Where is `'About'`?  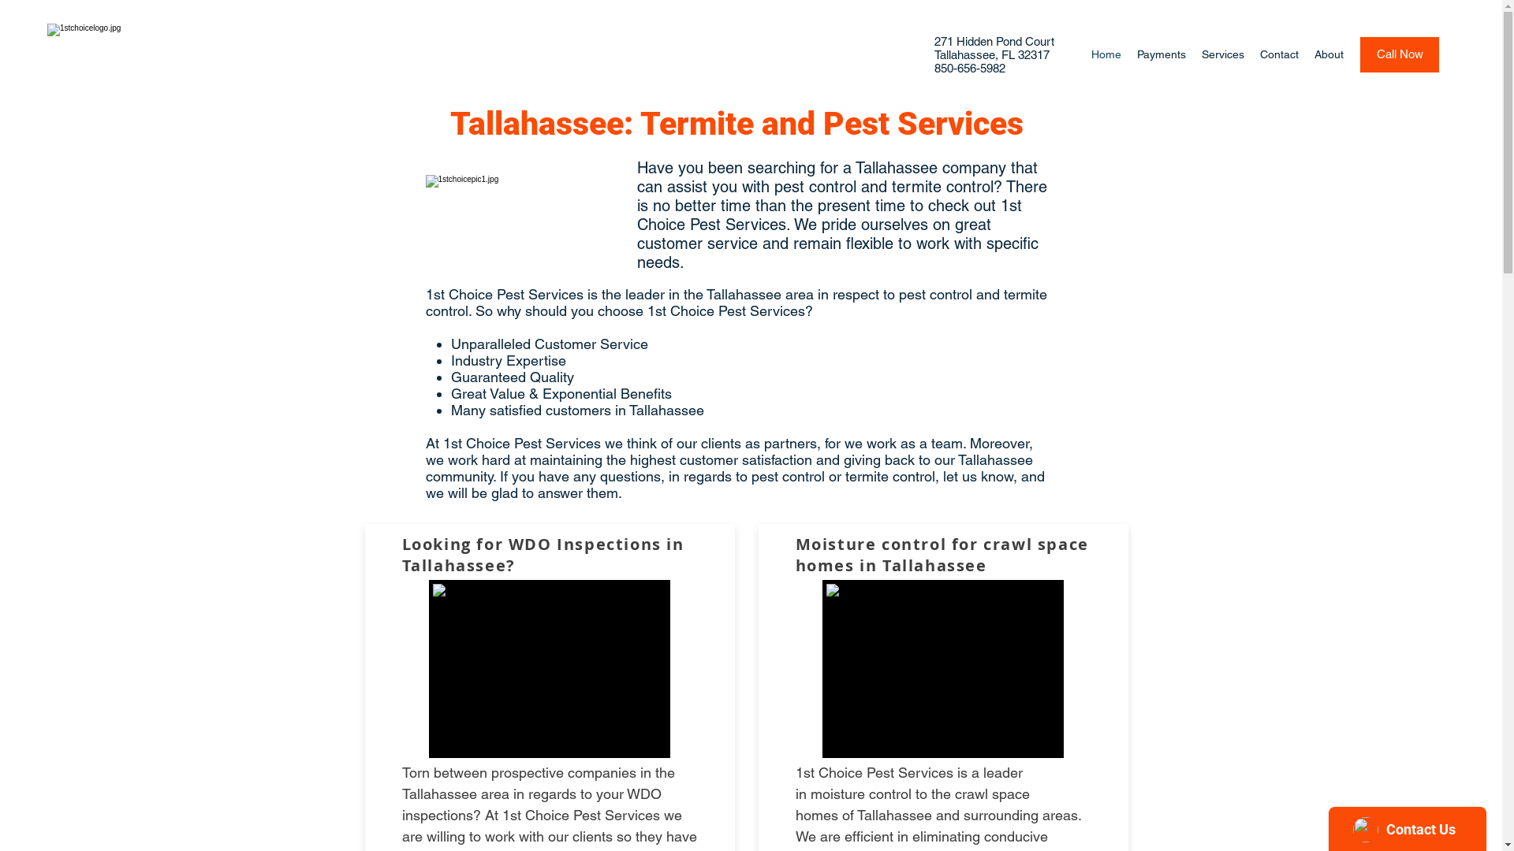
'About' is located at coordinates (1328, 54).